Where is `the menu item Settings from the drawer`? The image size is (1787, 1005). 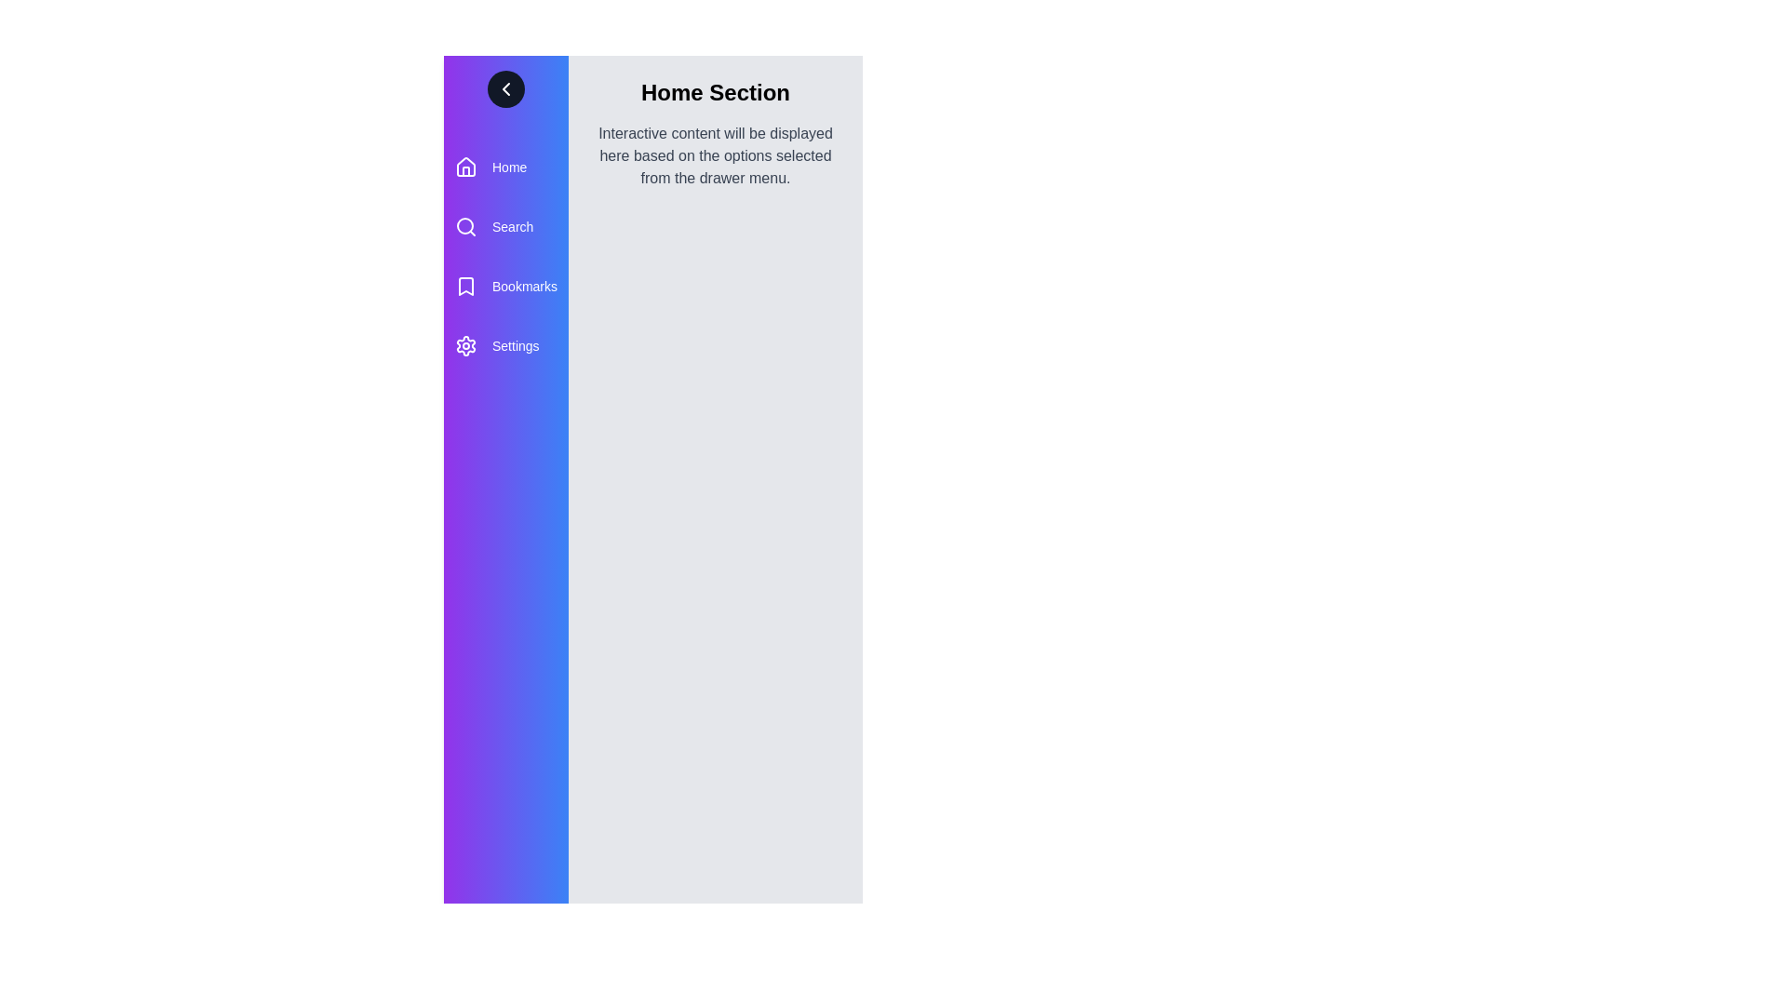
the menu item Settings from the drawer is located at coordinates (505, 345).